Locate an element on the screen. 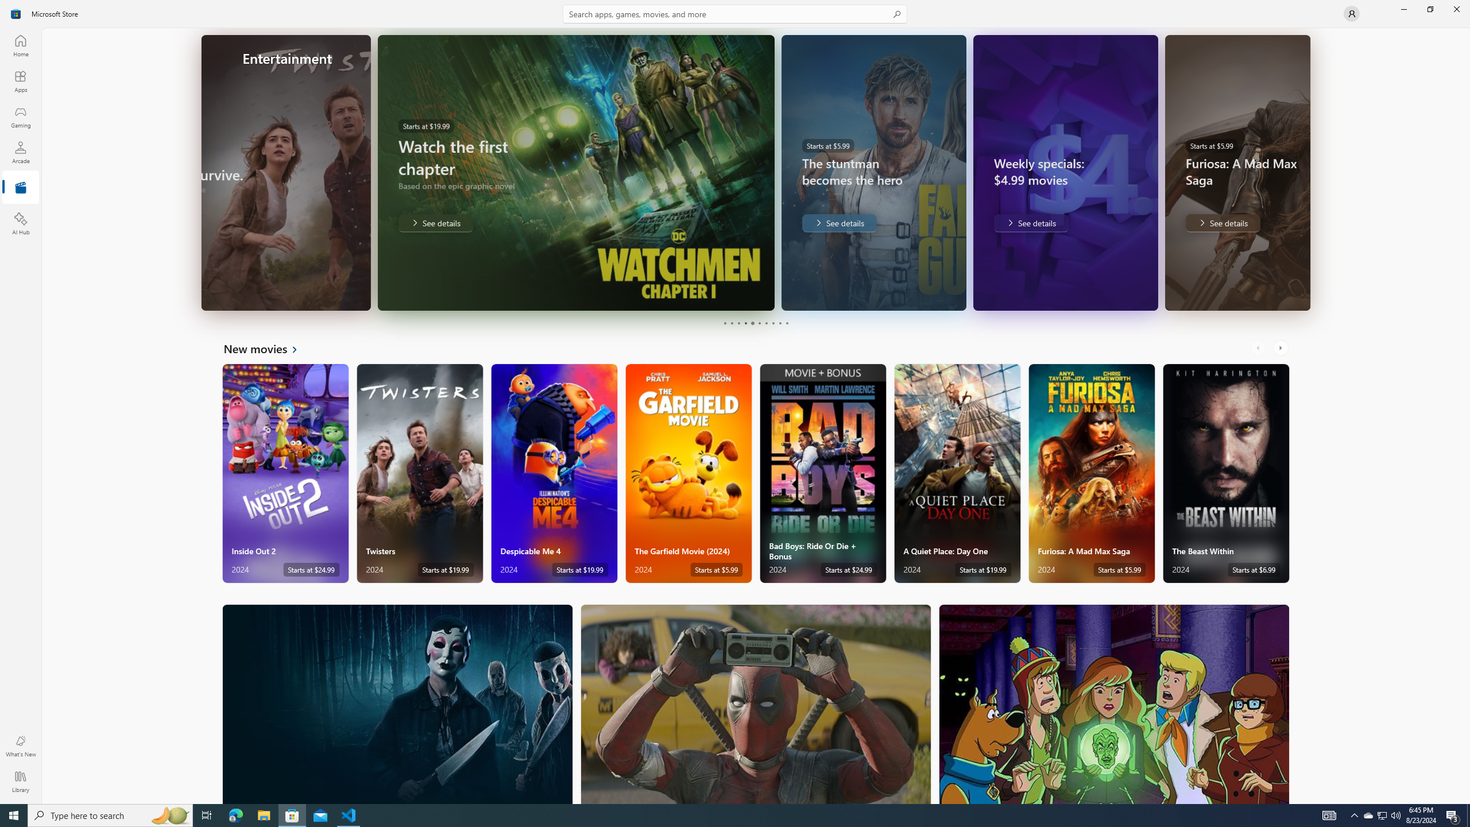 This screenshot has width=1470, height=827. 'The Garfield Movie (2024). Starts at $5.99  ' is located at coordinates (688, 473).